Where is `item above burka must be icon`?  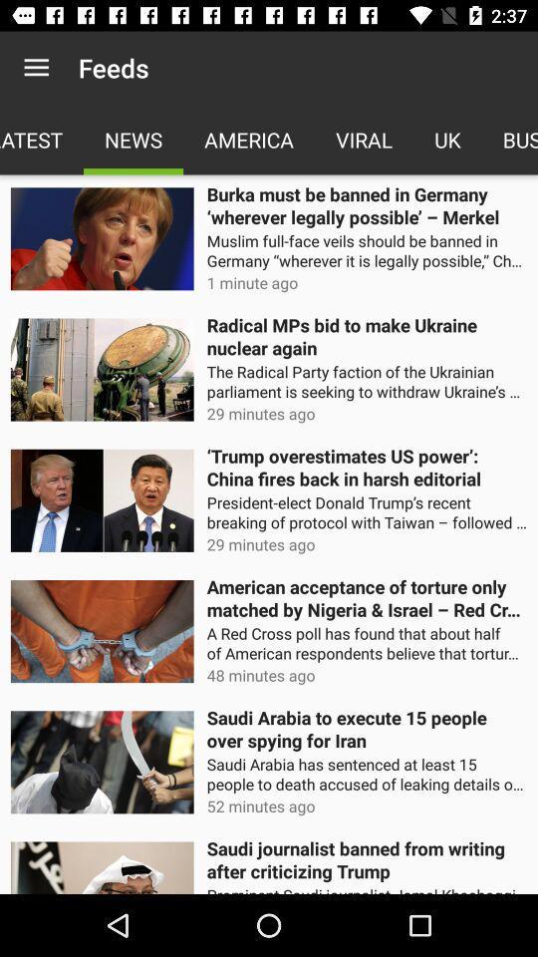
item above burka must be icon is located at coordinates (363, 139).